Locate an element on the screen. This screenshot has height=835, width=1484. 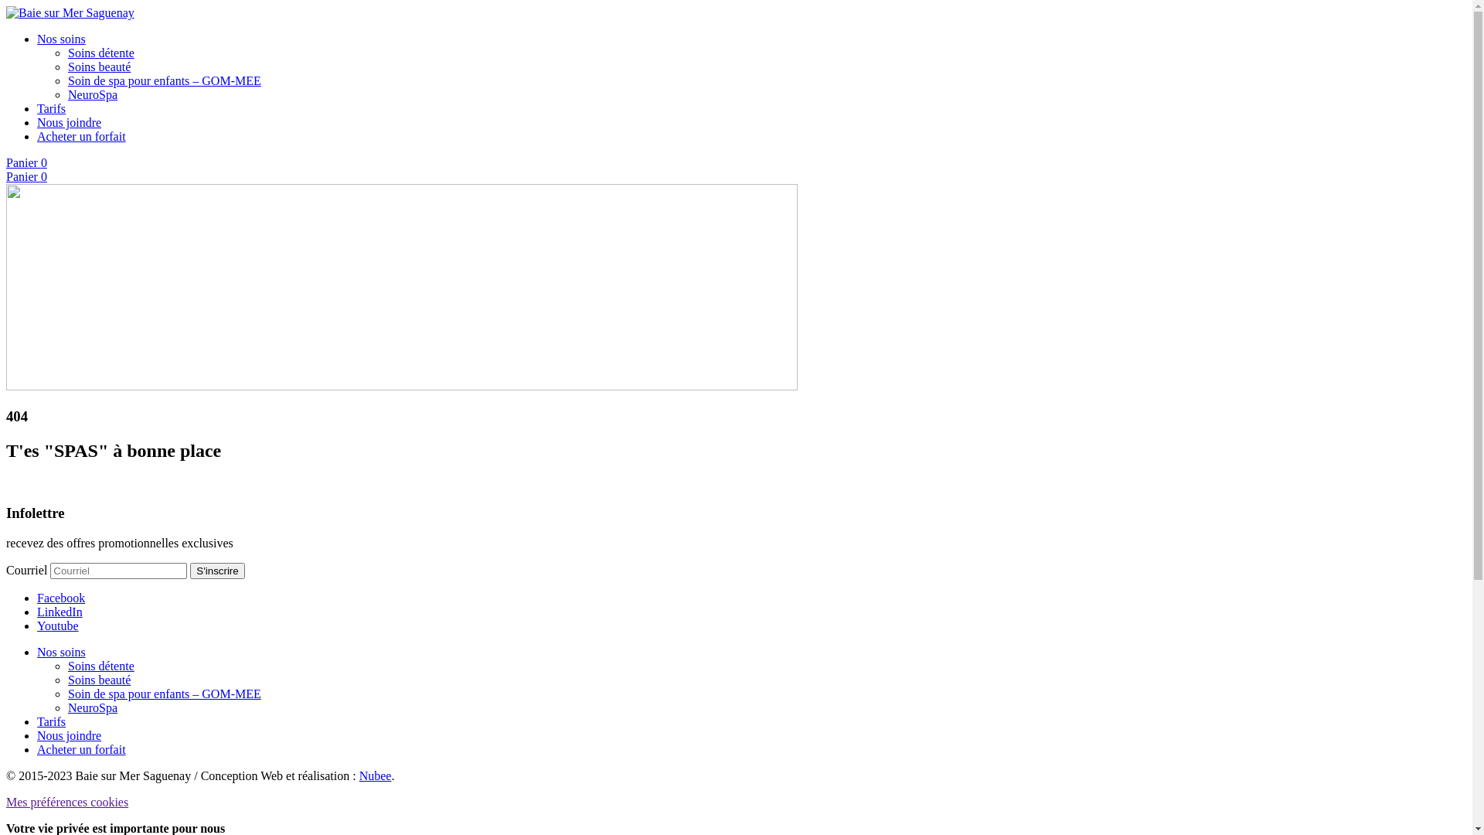
'Acheter un forfait' is located at coordinates (80, 748).